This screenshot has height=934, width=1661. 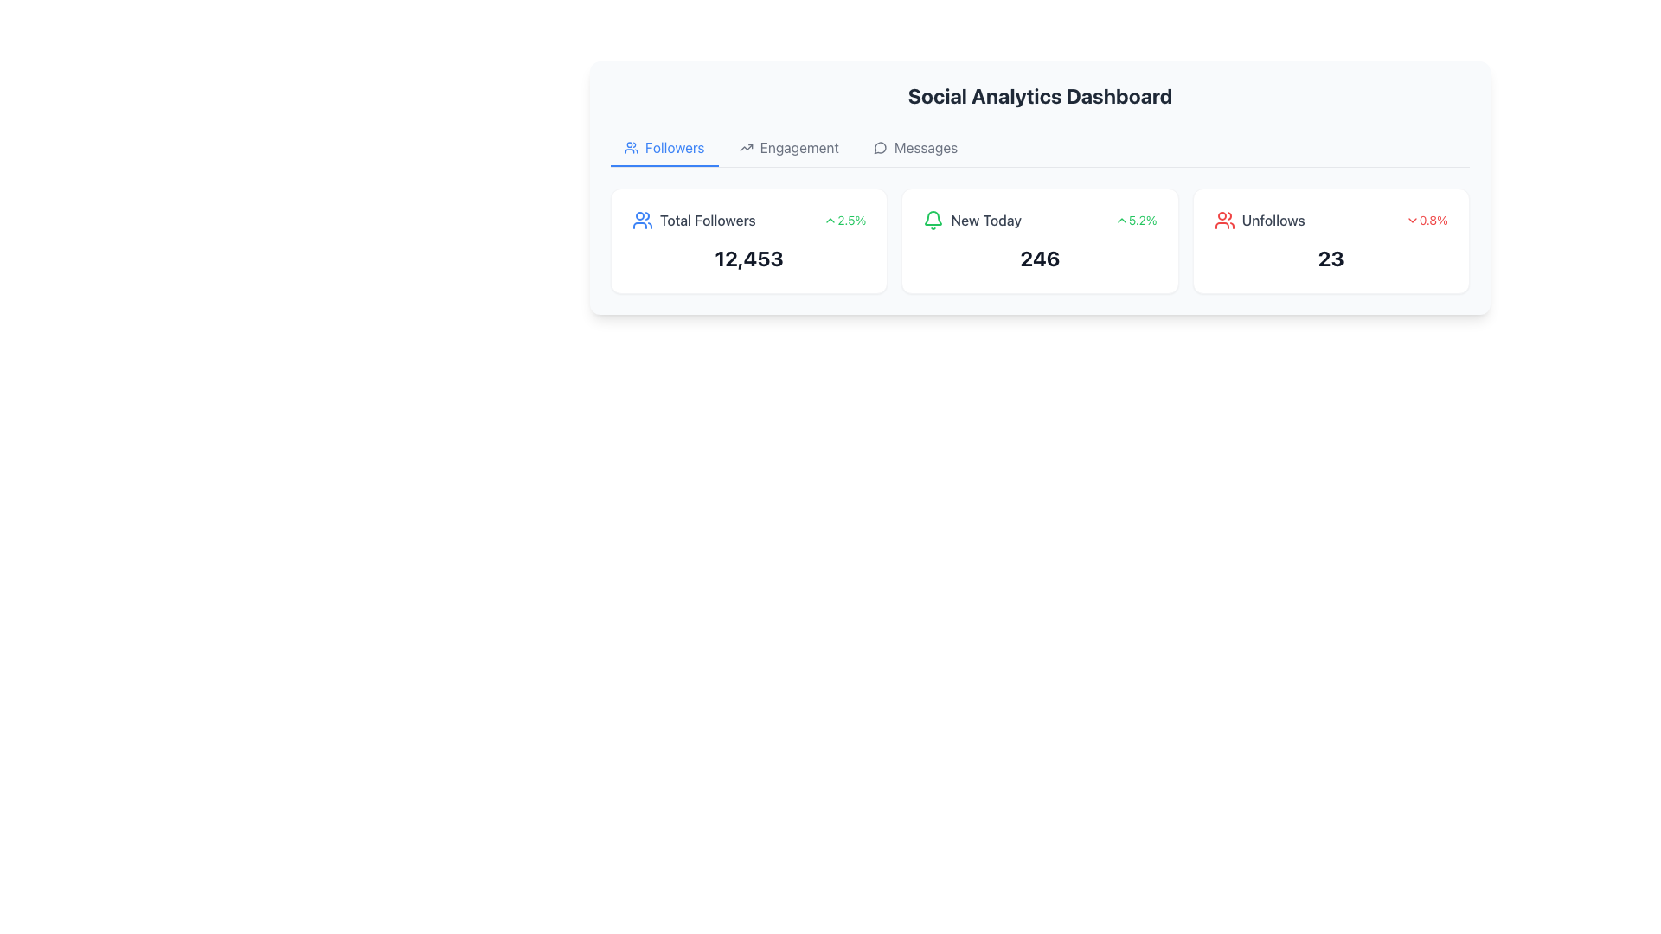 I want to click on text displayed on the 'New Today' label, which is styled in dark gray and located in the central card of a row of cards, to the right of the bell icon, so click(x=986, y=219).